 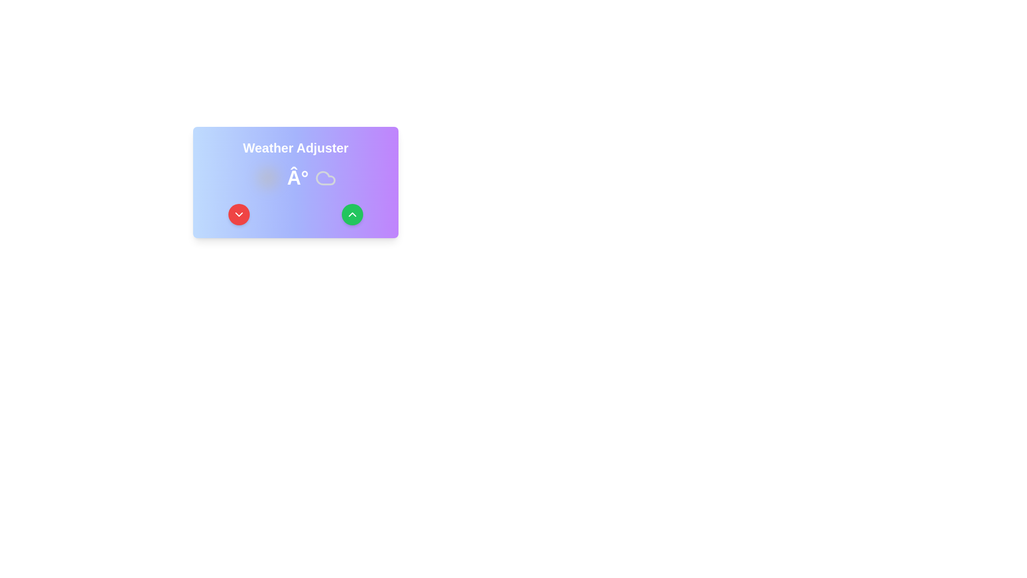 What do you see at coordinates (238, 215) in the screenshot?
I see `the small red circular button with a white downward chevron icon located at the bottom-left corner of the 'Weather Adjuster' card` at bounding box center [238, 215].